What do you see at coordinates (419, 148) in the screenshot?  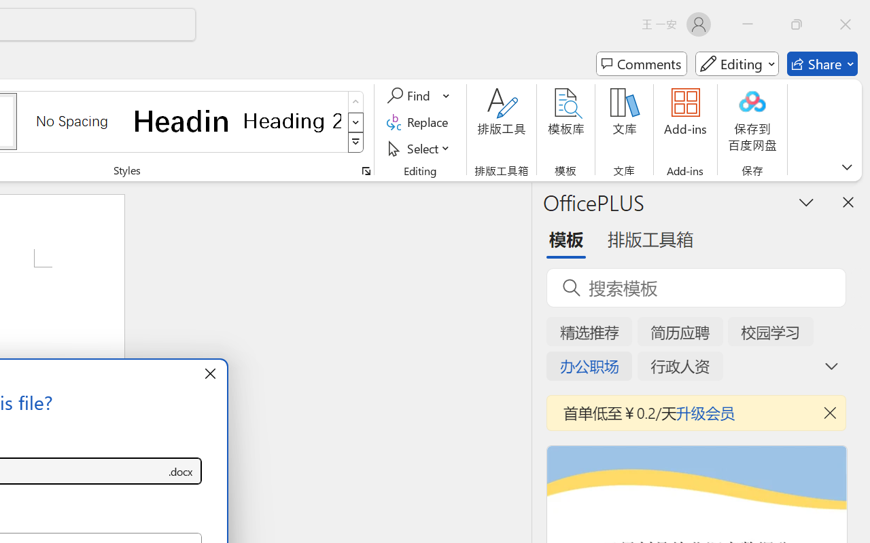 I see `'Select'` at bounding box center [419, 148].